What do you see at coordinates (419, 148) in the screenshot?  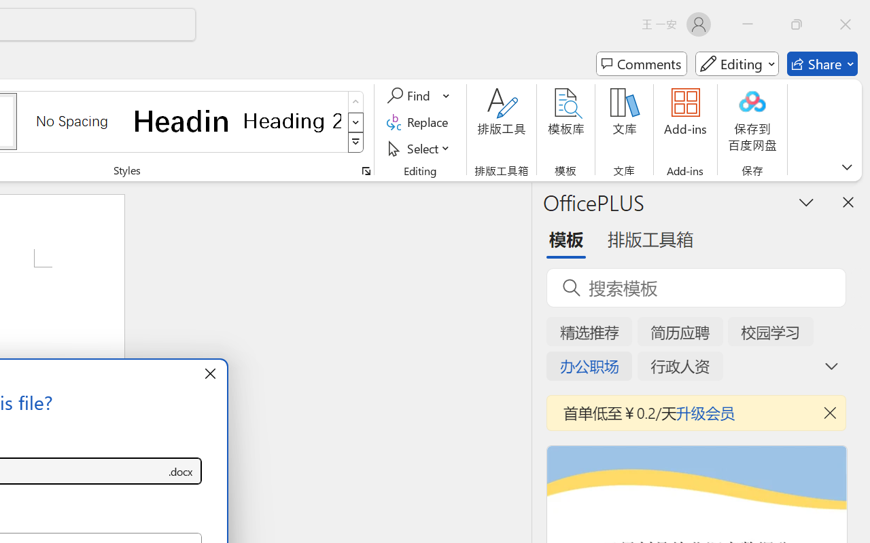 I see `'Select'` at bounding box center [419, 148].